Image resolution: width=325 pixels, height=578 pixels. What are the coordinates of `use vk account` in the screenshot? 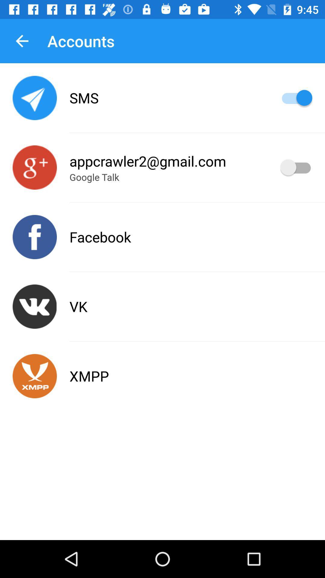 It's located at (35, 306).